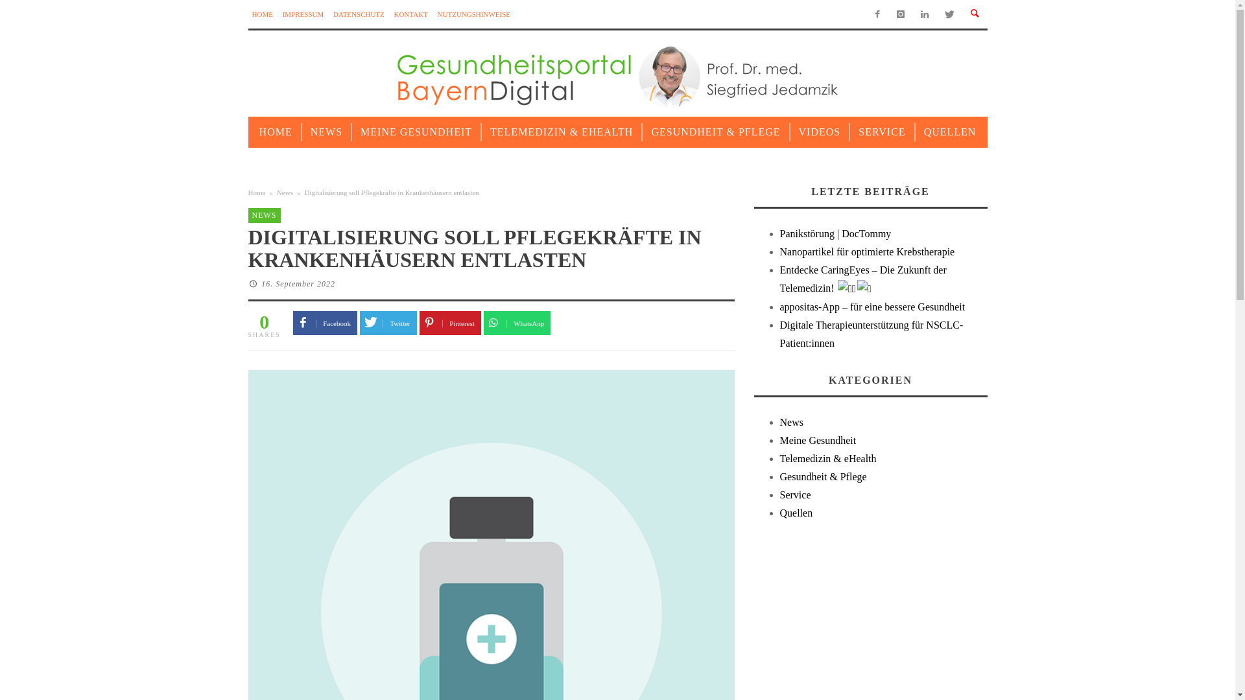  What do you see at coordinates (303, 14) in the screenshot?
I see `'IMPRESSUM'` at bounding box center [303, 14].